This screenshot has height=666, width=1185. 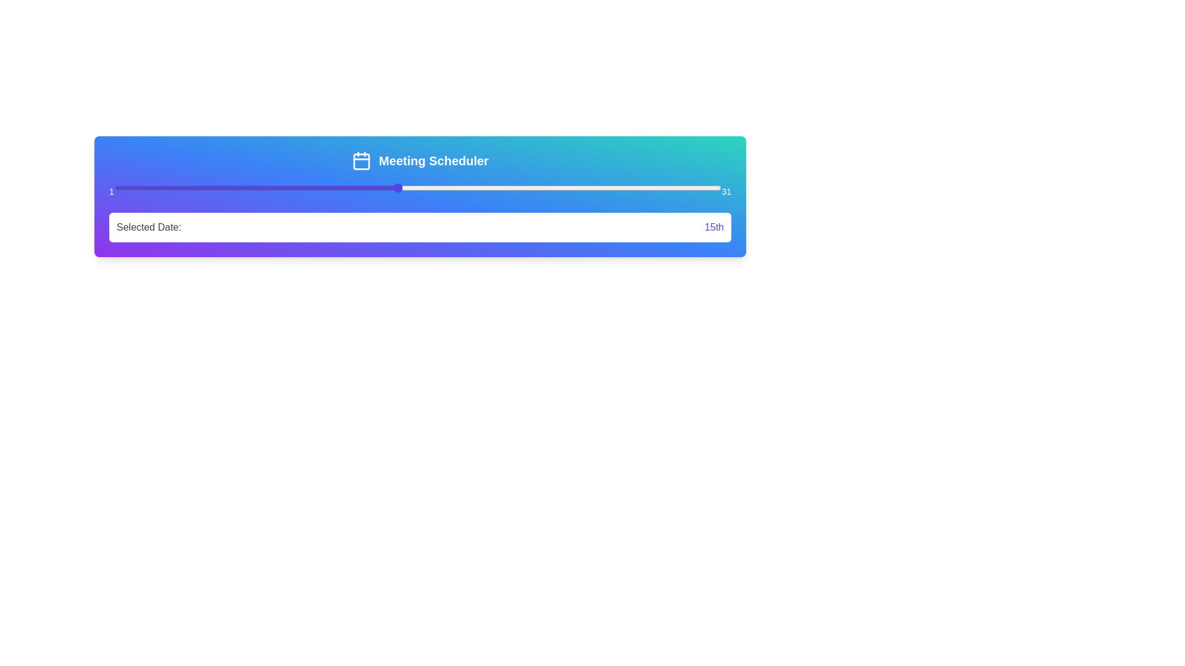 What do you see at coordinates (361, 160) in the screenshot?
I see `the calendar icon with a white outline and blue background located at the top-left of the 'Meeting Scheduler' component` at bounding box center [361, 160].